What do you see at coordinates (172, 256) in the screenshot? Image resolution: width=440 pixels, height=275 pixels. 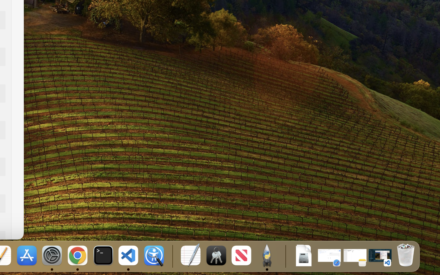 I see `'0.4285714328289032'` at bounding box center [172, 256].